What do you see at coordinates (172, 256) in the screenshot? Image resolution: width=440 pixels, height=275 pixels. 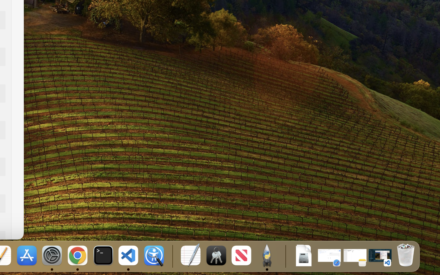 I see `'0.4285714328289032'` at bounding box center [172, 256].